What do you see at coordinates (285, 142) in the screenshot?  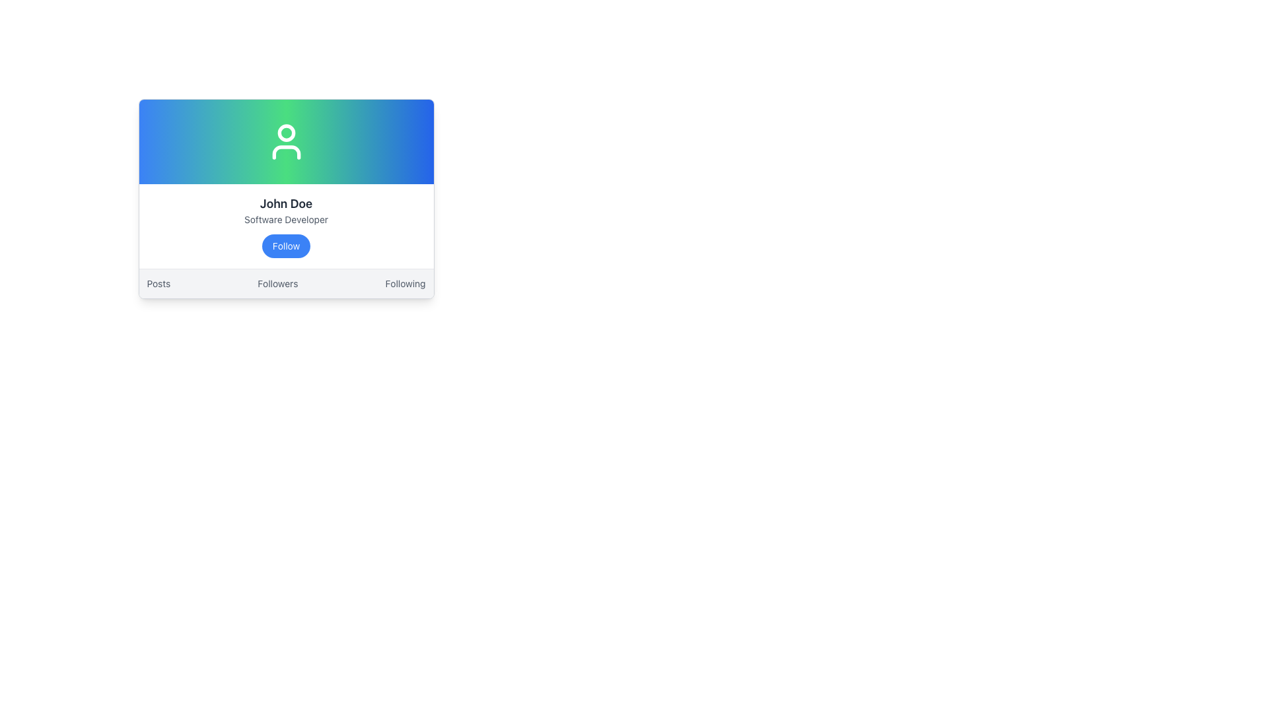 I see `the Decorative header section, which features a gradient background and a central white user icon, located at the top of the profile card above 'John Doe'` at bounding box center [285, 142].